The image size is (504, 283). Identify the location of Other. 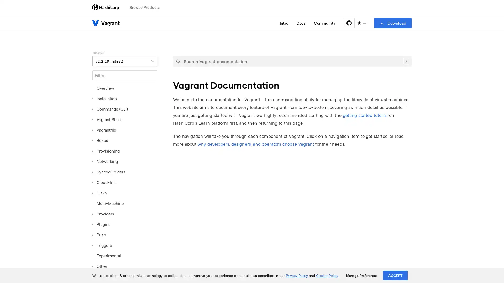
(99, 266).